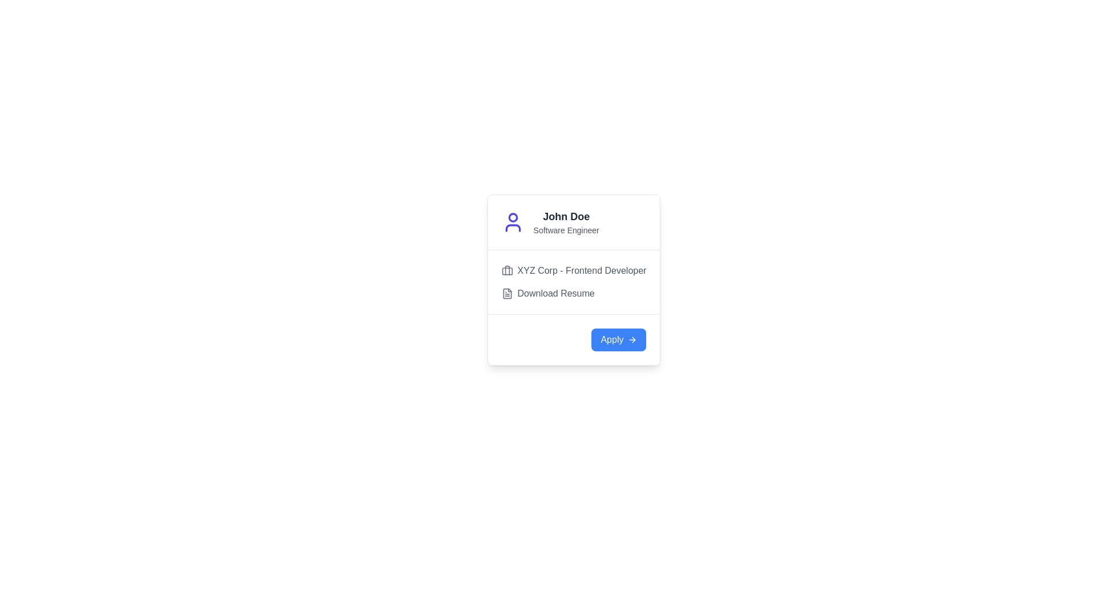 The width and height of the screenshot is (1096, 616). What do you see at coordinates (506, 293) in the screenshot?
I see `the visual association of the file document icon with the 'Download Resume' label, which is characterized by its gray outline and minimalistic features, and is positioned directly to the left of the label` at bounding box center [506, 293].